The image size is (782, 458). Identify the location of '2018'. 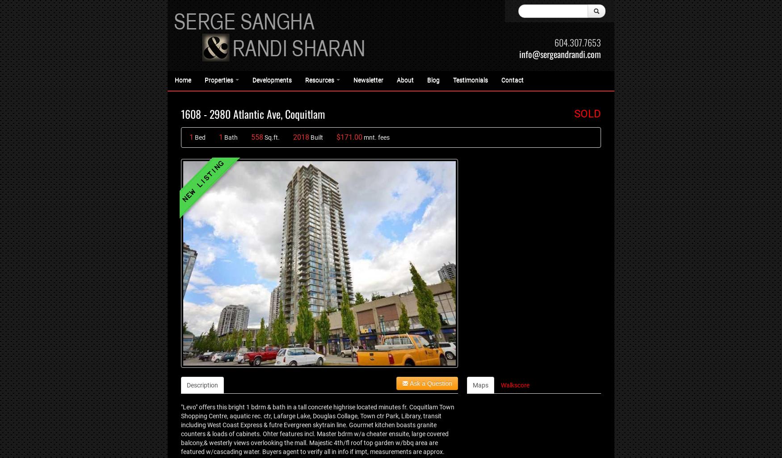
(300, 137).